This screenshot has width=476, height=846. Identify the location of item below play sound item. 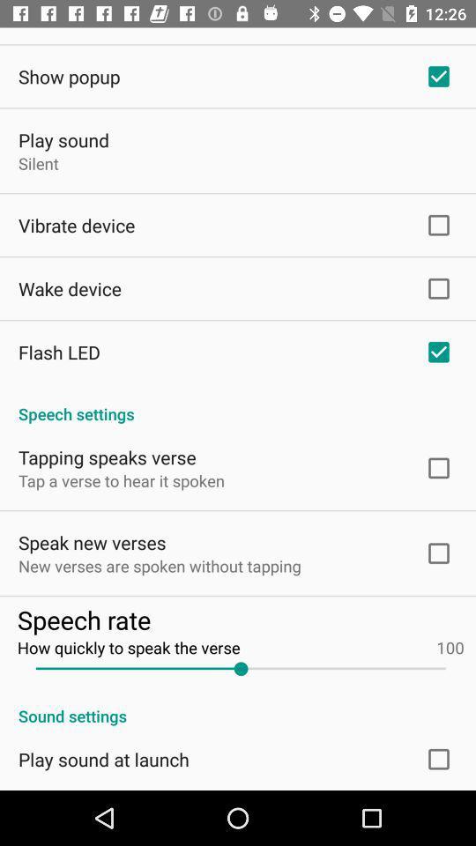
(38, 163).